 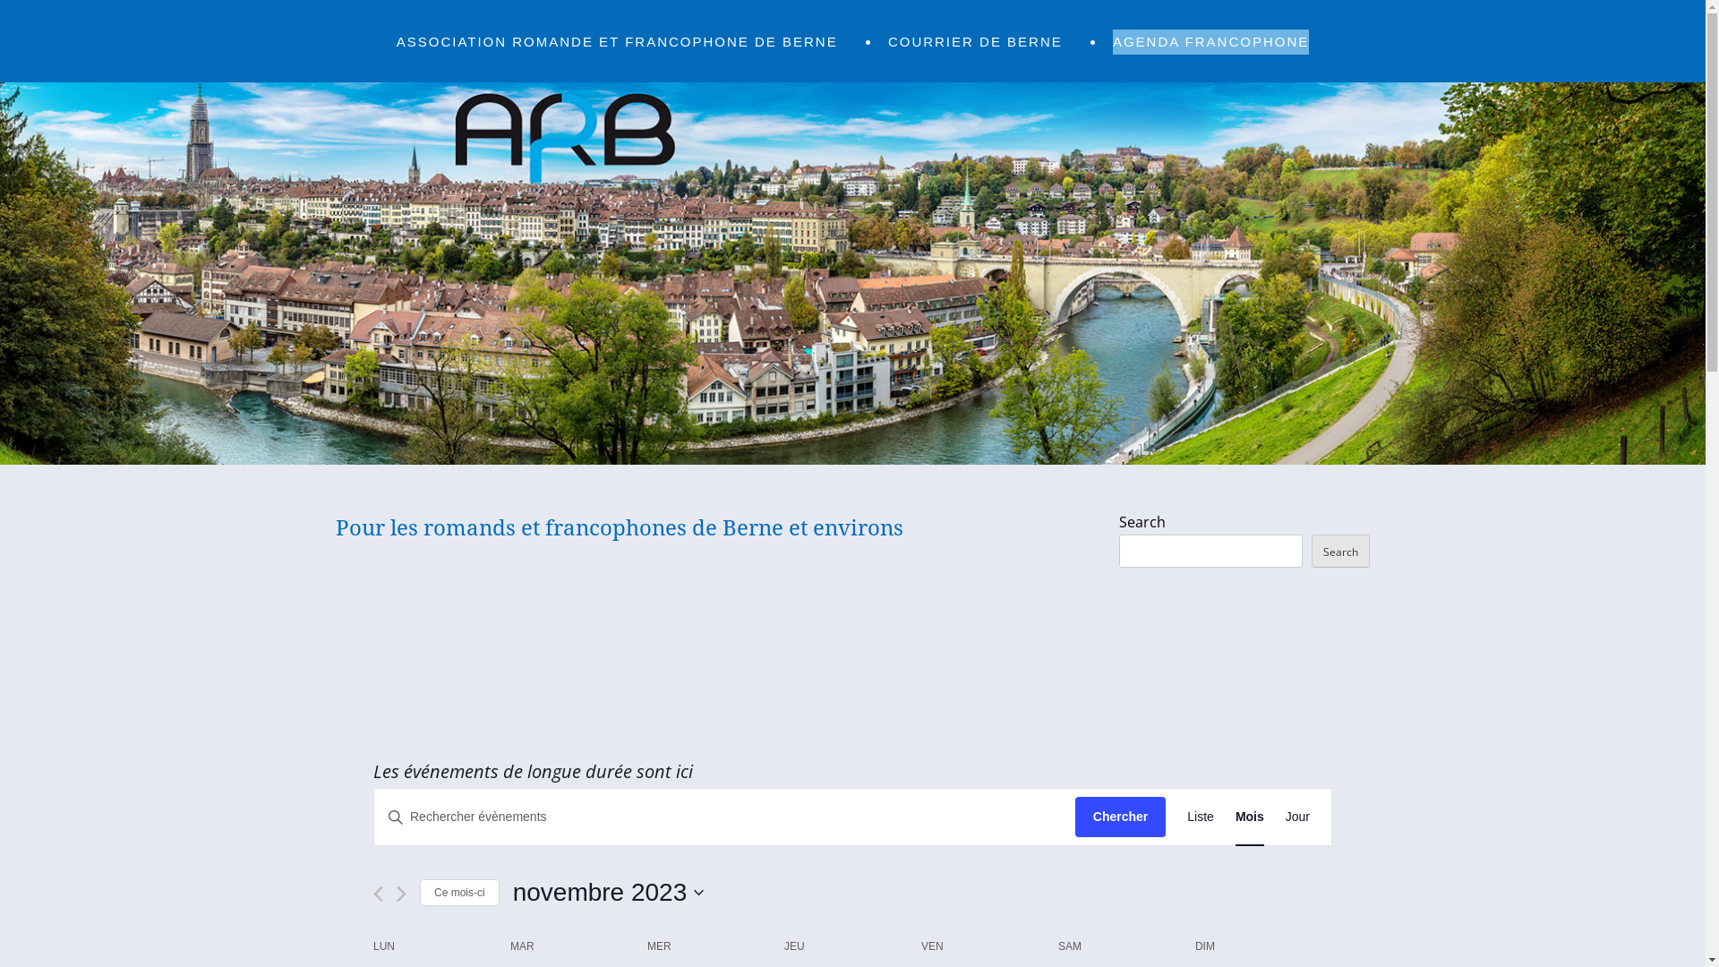 What do you see at coordinates (1235, 817) in the screenshot?
I see `'Mois'` at bounding box center [1235, 817].